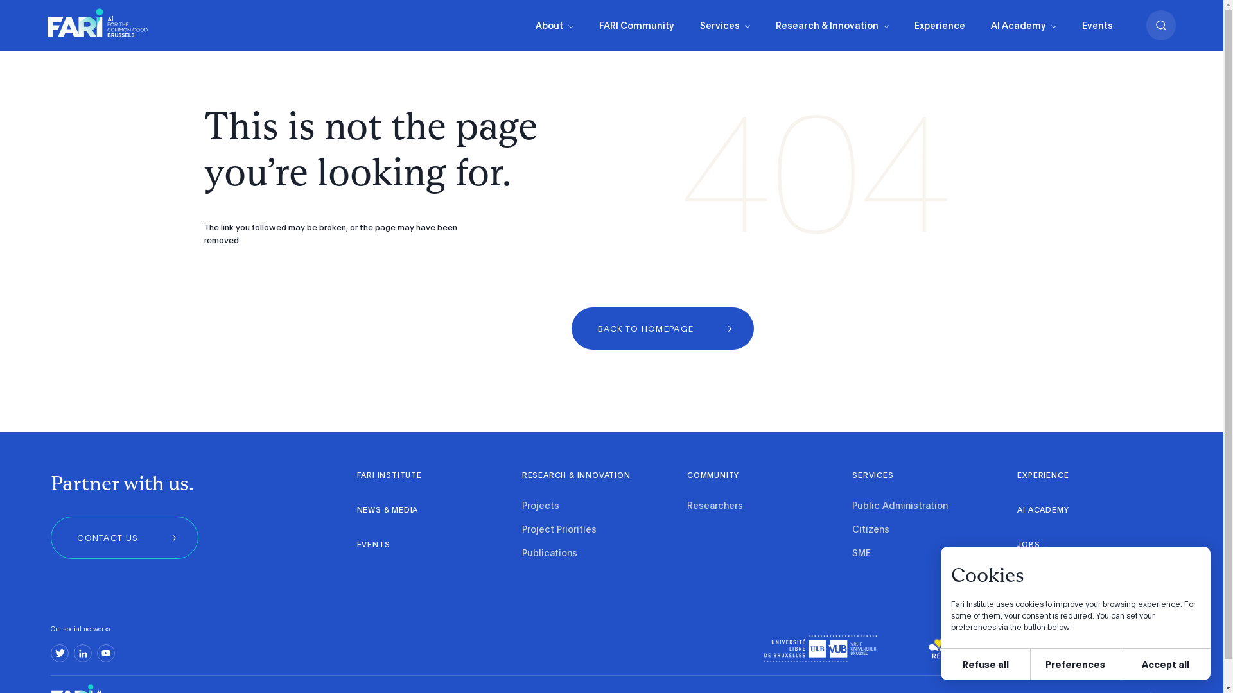 Image resolution: width=1233 pixels, height=693 pixels. What do you see at coordinates (636, 25) in the screenshot?
I see `'FARI Community'` at bounding box center [636, 25].